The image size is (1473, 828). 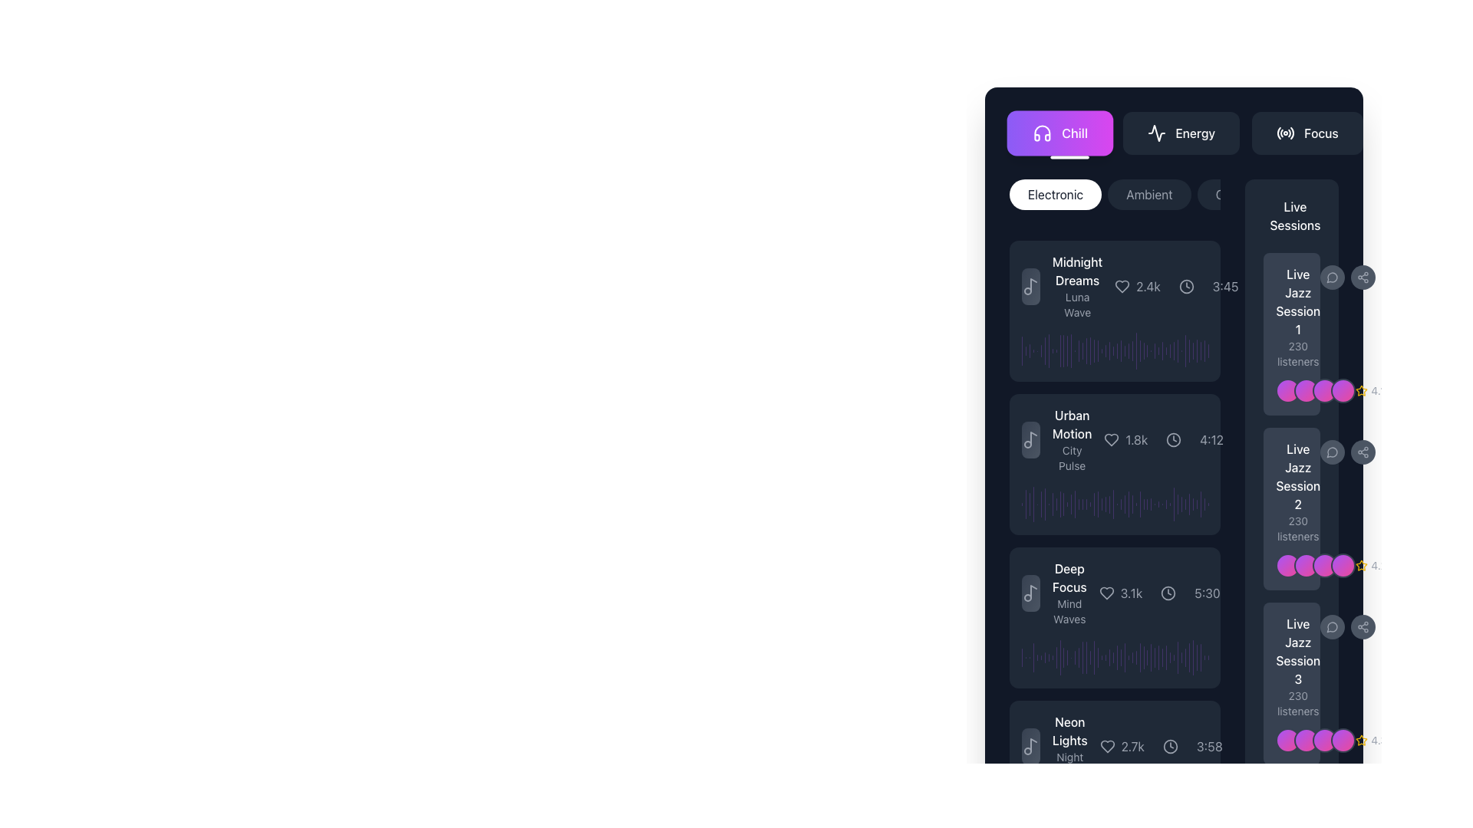 I want to click on the 30th vertical bar with rounded ends, styled in purple with 50% transparency, located in the 'Deep Focus' section of the interface, so click(x=1132, y=656).